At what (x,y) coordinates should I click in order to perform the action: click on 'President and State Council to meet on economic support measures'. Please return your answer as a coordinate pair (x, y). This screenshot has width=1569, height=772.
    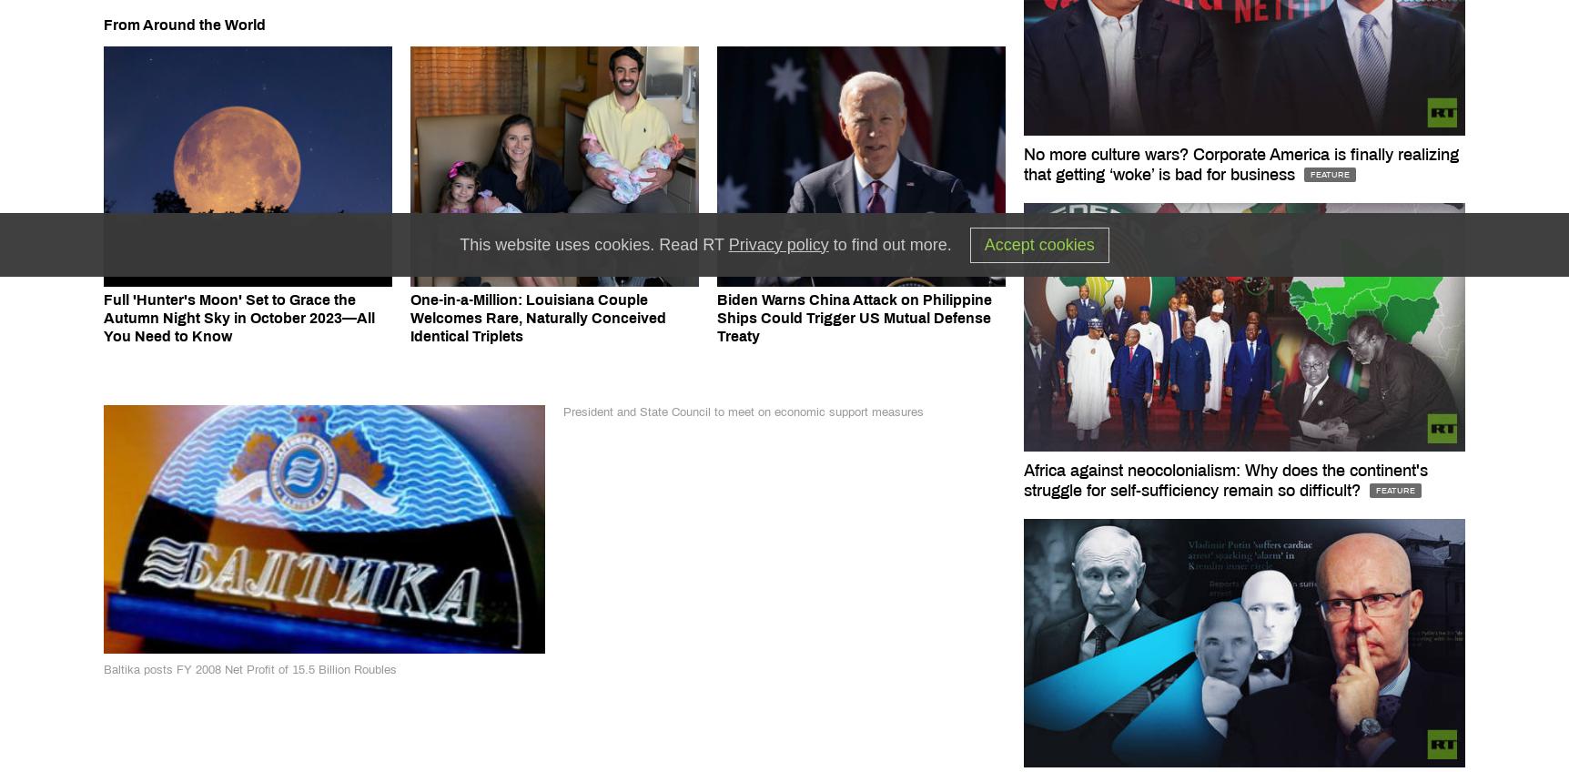
    Looking at the image, I should click on (743, 411).